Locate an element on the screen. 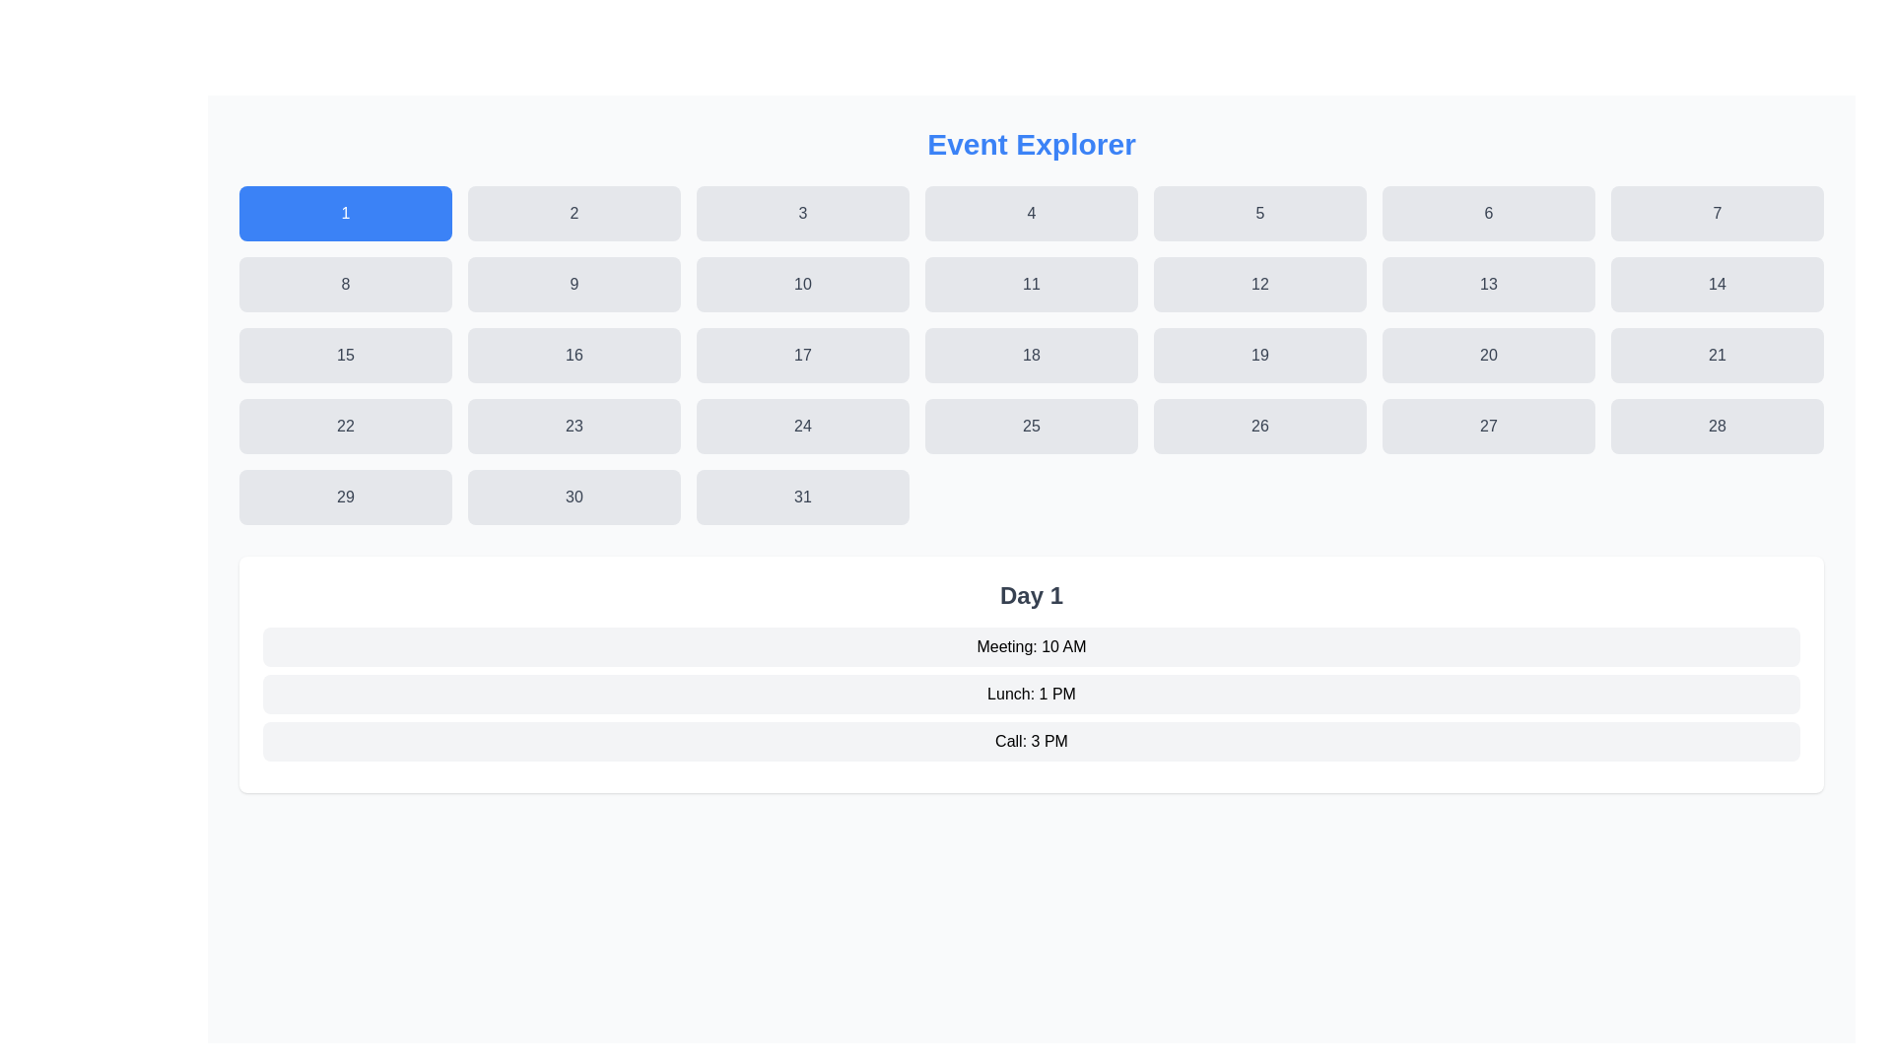  the rectangular button with rounded corners displaying the number '26' in the Event Explorer grid is located at coordinates (1258, 425).